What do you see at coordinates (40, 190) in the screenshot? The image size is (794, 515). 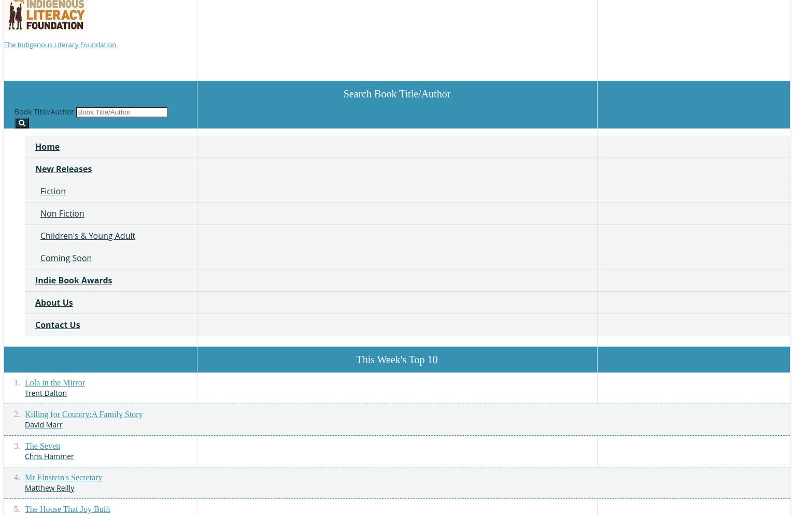 I see `'Fiction'` at bounding box center [40, 190].